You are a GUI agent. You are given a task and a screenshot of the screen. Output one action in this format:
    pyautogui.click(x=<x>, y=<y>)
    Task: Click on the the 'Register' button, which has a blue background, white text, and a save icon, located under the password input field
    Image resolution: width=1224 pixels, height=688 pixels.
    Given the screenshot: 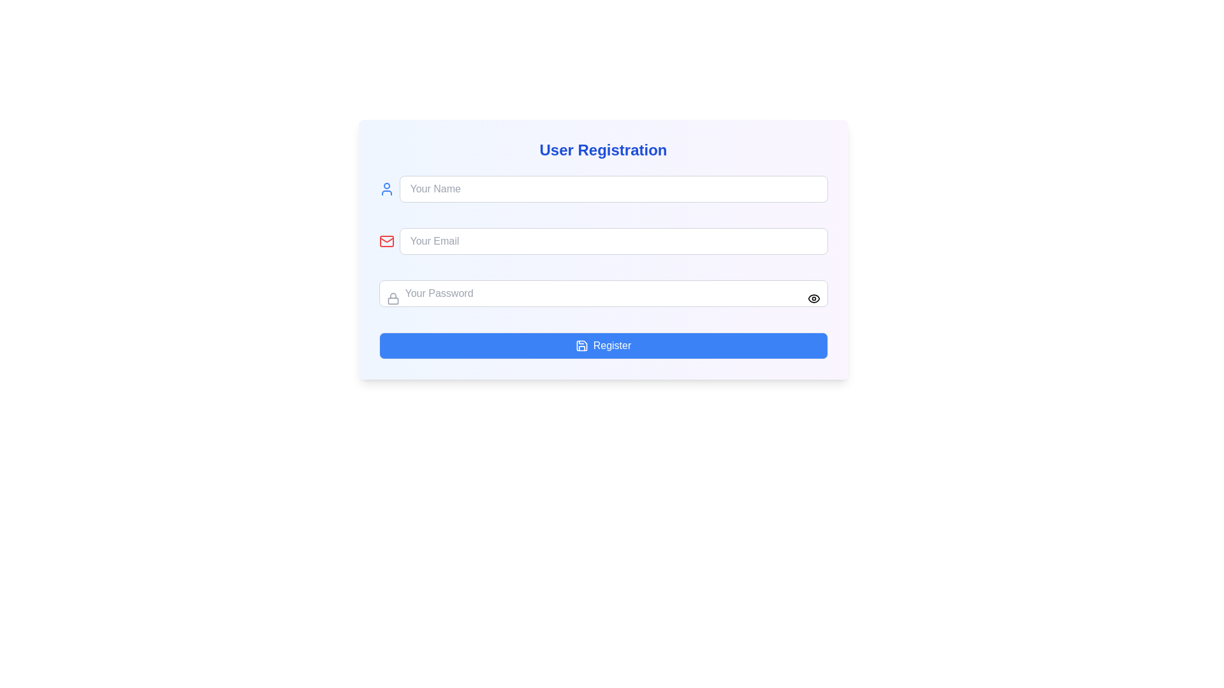 What is the action you would take?
    pyautogui.click(x=602, y=346)
    